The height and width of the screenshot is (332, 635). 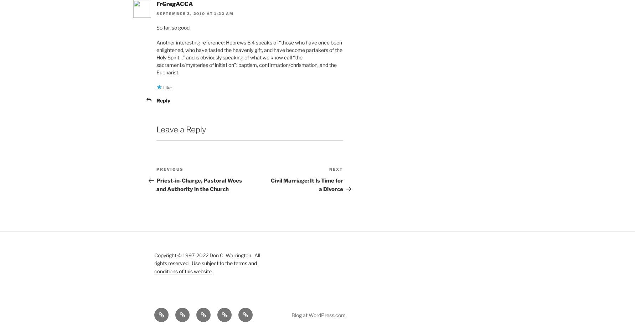 What do you see at coordinates (249, 57) in the screenshot?
I see `'Another interesting reference:  Hebrews 6:4 speaks of “those who have once been enlightened, who have tasted the heavenly gift, and have become partakers of the Holy Spirit…” and is obviously speaking of what we know call “the sacraments/mysteries of initiation”:  baptism, confirmation/chrismation, and the Eucharist.'` at bounding box center [249, 57].